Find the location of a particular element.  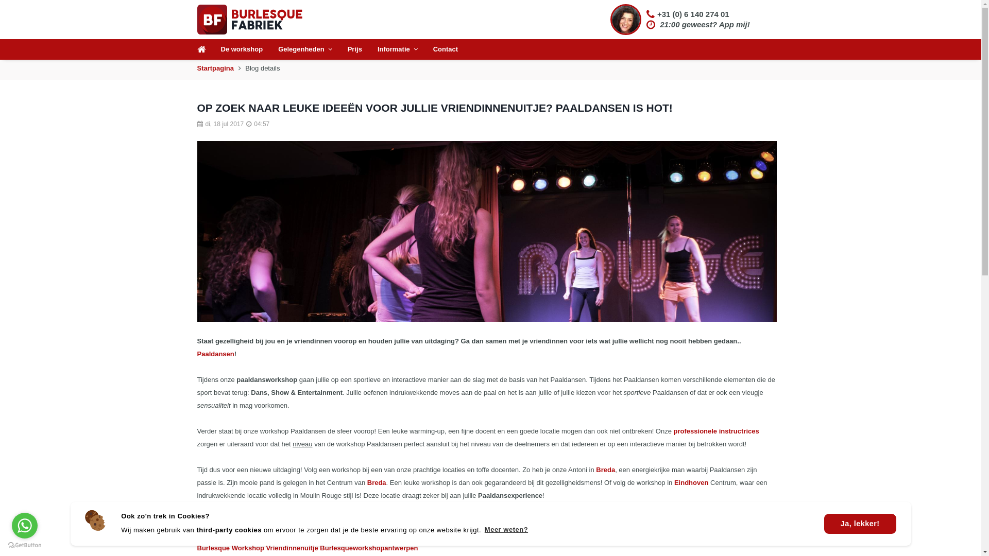

'Ja, lekker!' is located at coordinates (860, 524).